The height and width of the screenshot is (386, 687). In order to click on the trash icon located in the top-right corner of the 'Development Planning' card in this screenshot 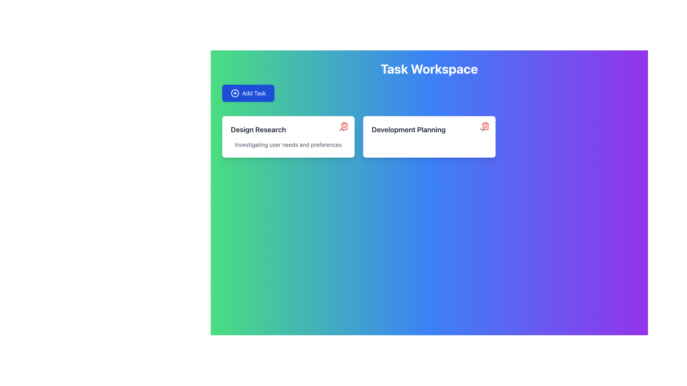, I will do `click(486, 126)`.